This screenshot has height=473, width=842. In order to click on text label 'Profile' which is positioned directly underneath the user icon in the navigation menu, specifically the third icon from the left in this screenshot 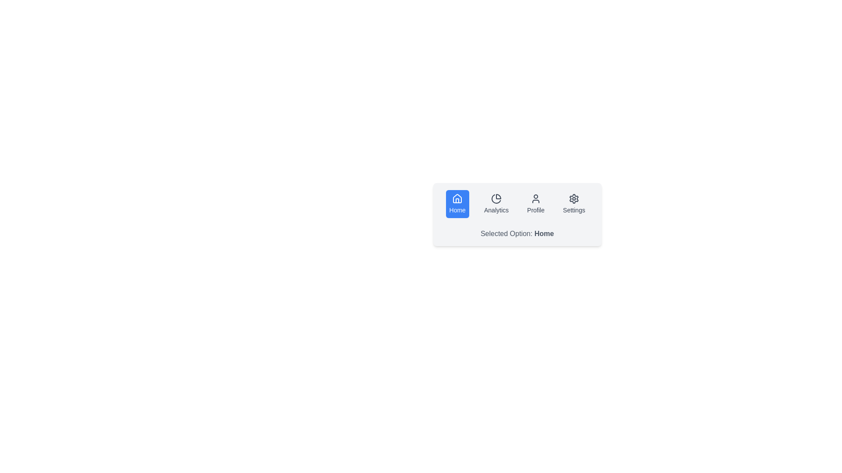, I will do `click(535, 210)`.